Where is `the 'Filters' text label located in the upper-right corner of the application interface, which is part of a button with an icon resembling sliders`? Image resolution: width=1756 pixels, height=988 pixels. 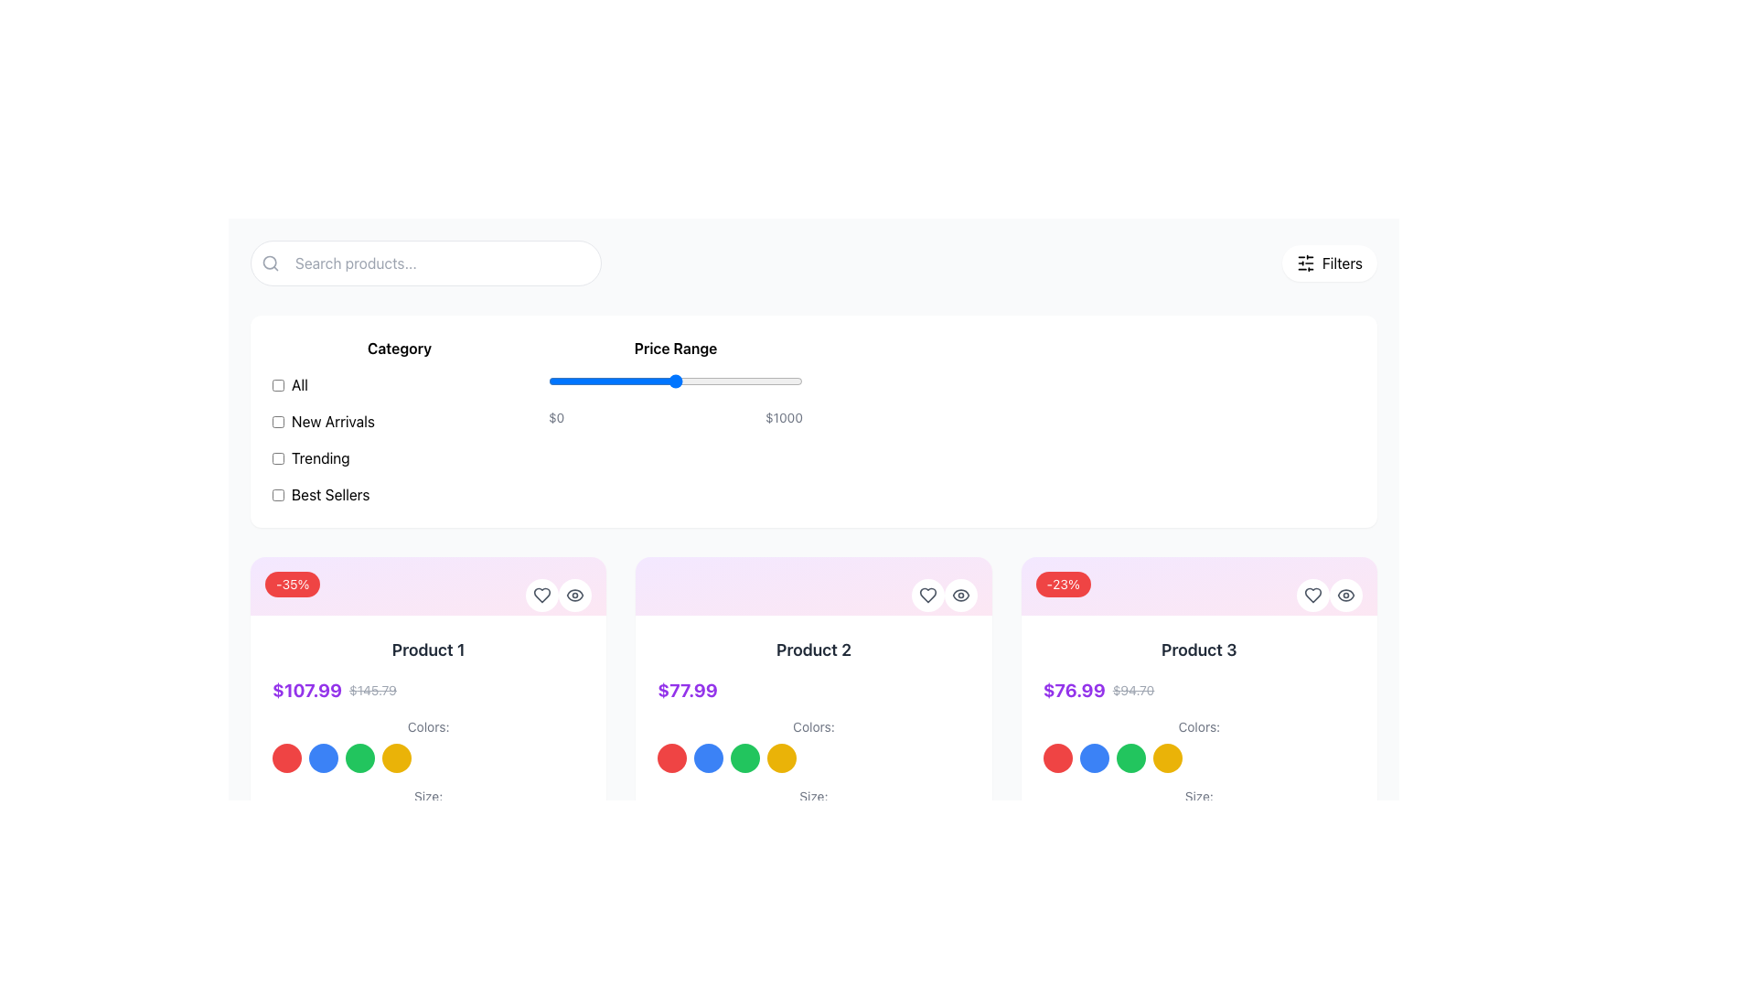 the 'Filters' text label located in the upper-right corner of the application interface, which is part of a button with an icon resembling sliders is located at coordinates (1343, 263).